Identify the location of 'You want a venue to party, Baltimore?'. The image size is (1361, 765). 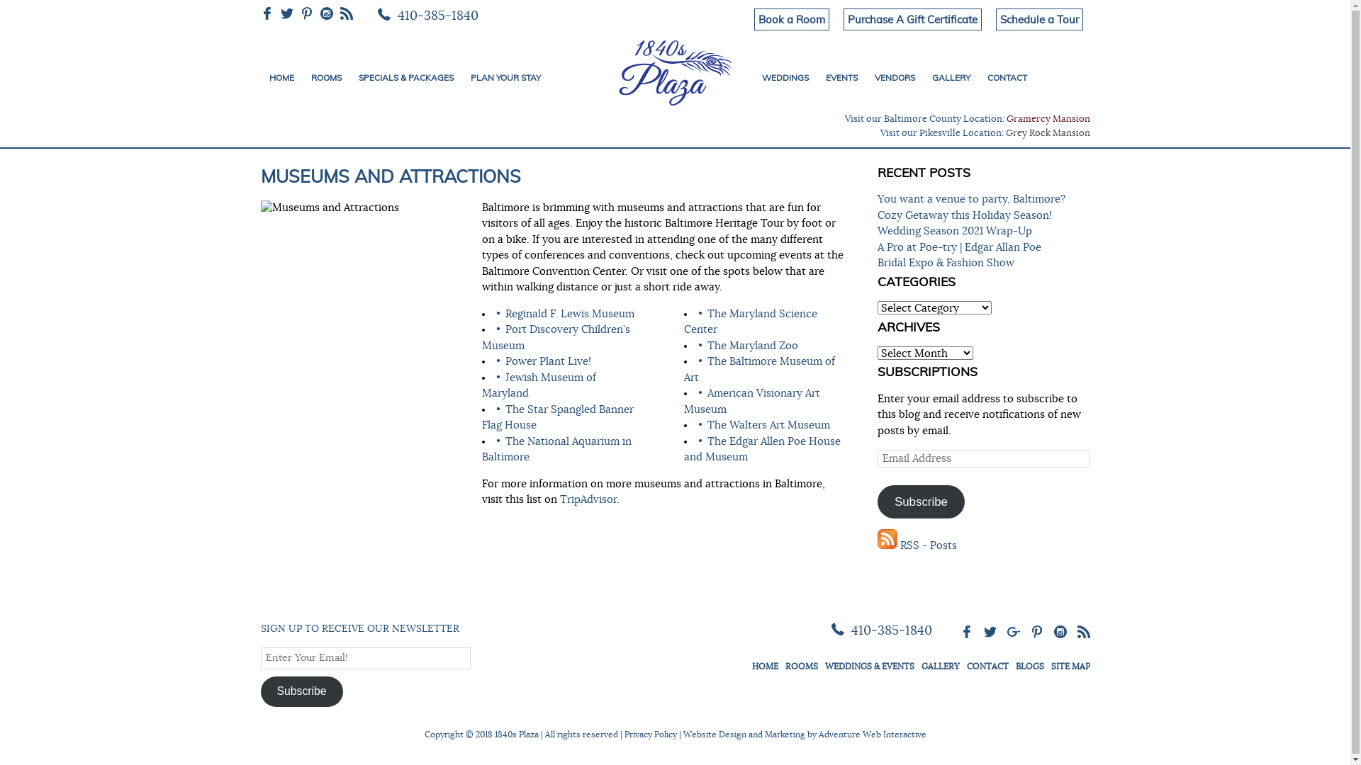
(970, 199).